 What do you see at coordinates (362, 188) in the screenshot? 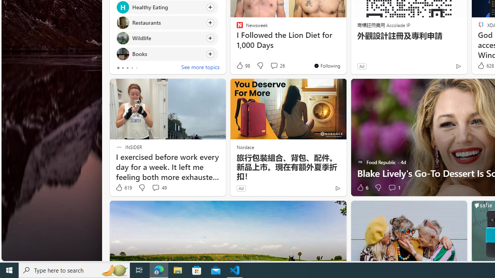
I see `'6 Like'` at bounding box center [362, 188].